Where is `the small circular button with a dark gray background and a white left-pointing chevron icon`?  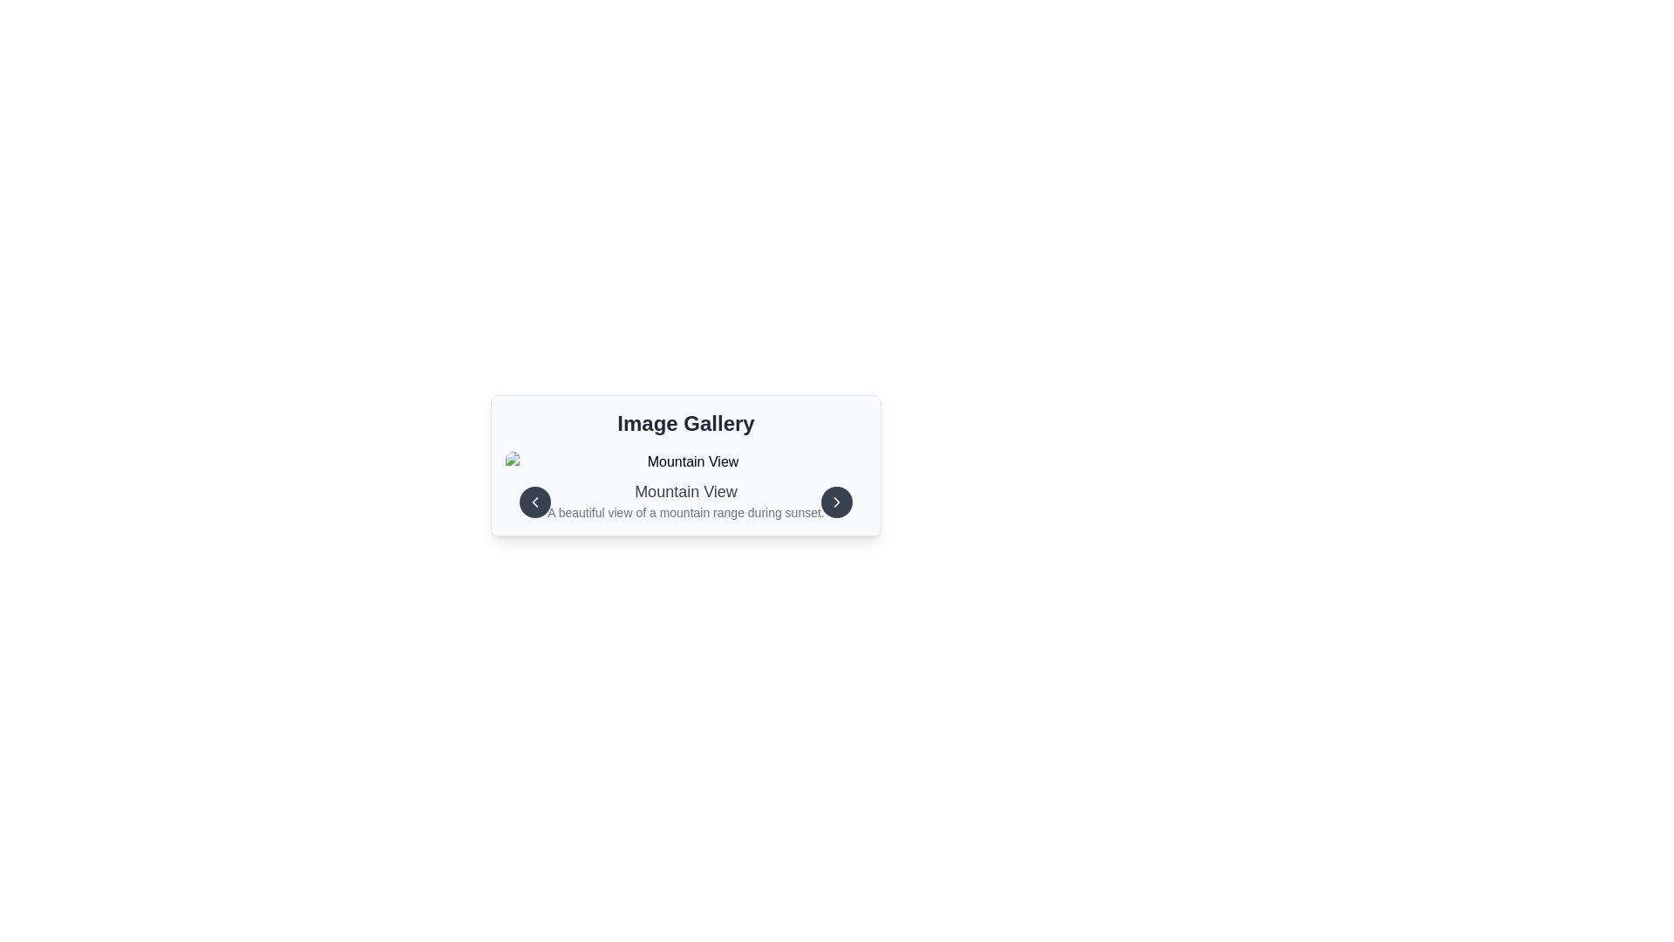
the small circular button with a dark gray background and a white left-pointing chevron icon is located at coordinates (534, 502).